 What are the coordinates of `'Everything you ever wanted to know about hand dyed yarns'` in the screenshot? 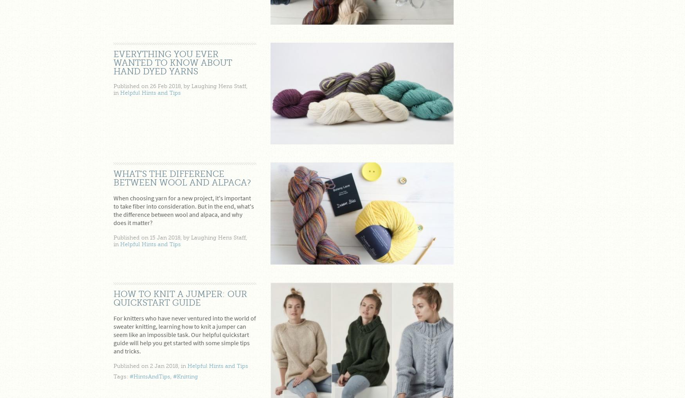 It's located at (173, 62).